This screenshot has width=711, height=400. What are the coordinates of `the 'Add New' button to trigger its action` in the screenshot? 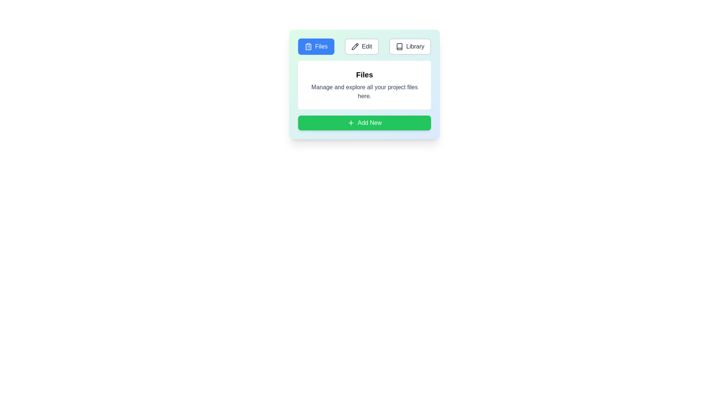 It's located at (364, 122).